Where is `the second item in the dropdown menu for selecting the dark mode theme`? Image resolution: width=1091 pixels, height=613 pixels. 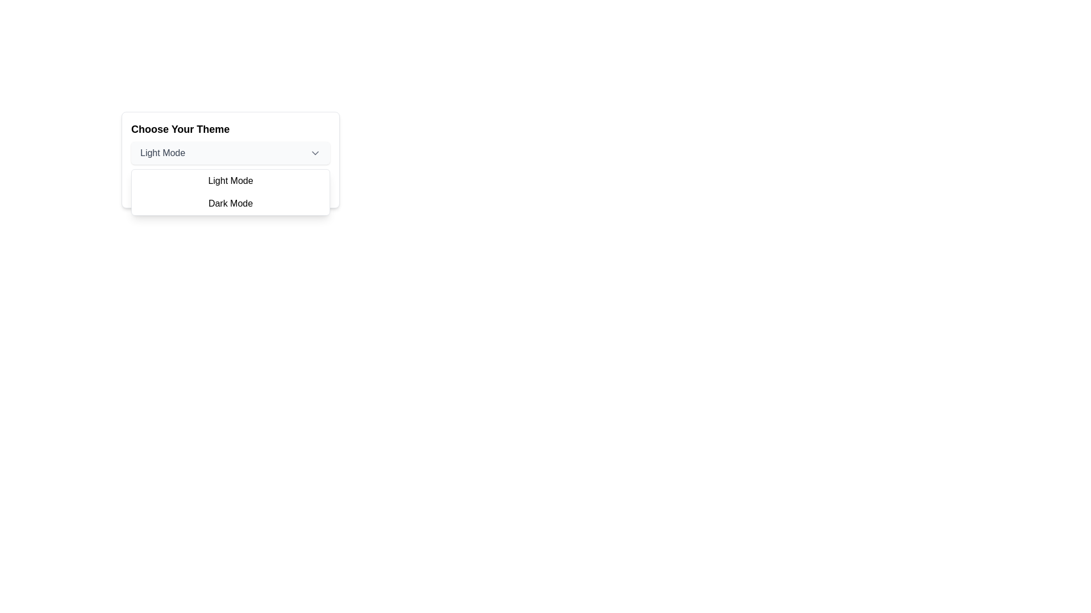
the second item in the dropdown menu for selecting the dark mode theme is located at coordinates (230, 203).